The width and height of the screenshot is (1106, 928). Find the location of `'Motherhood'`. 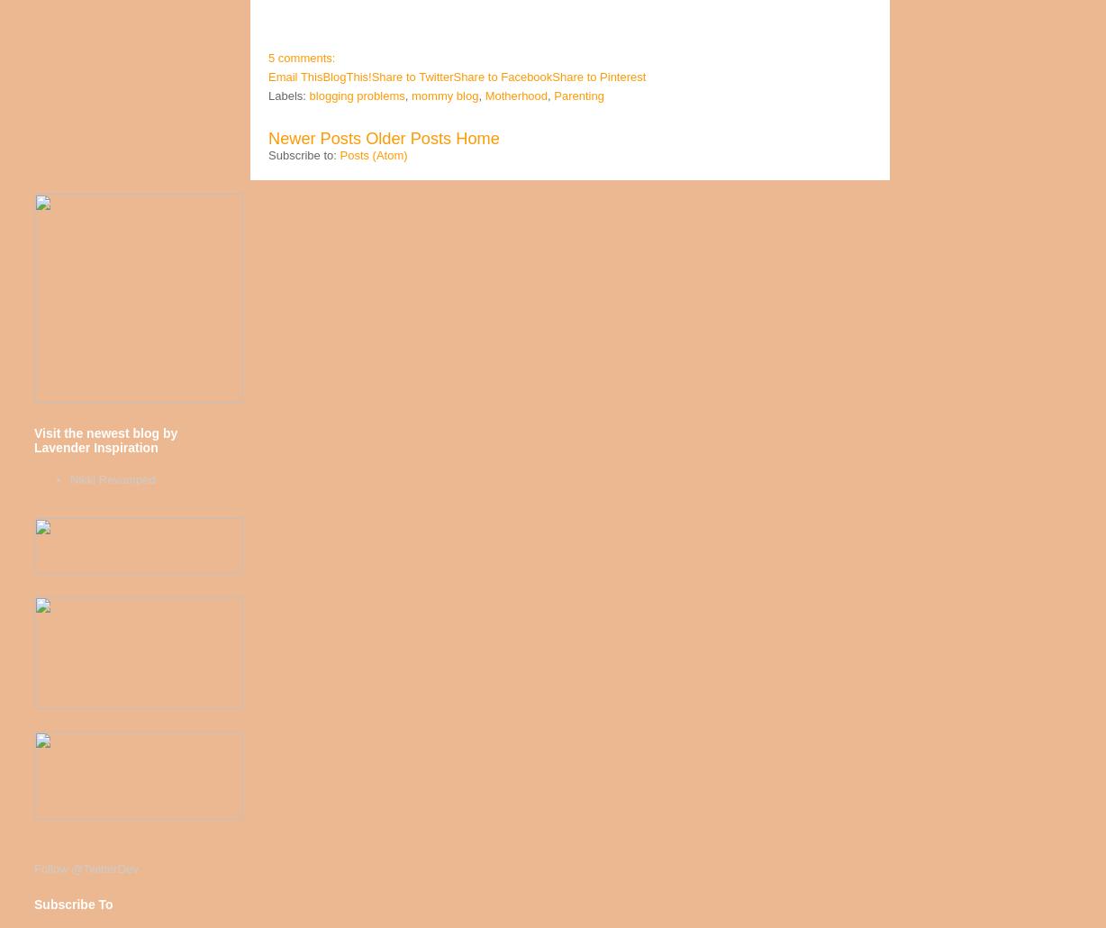

'Motherhood' is located at coordinates (483, 95).